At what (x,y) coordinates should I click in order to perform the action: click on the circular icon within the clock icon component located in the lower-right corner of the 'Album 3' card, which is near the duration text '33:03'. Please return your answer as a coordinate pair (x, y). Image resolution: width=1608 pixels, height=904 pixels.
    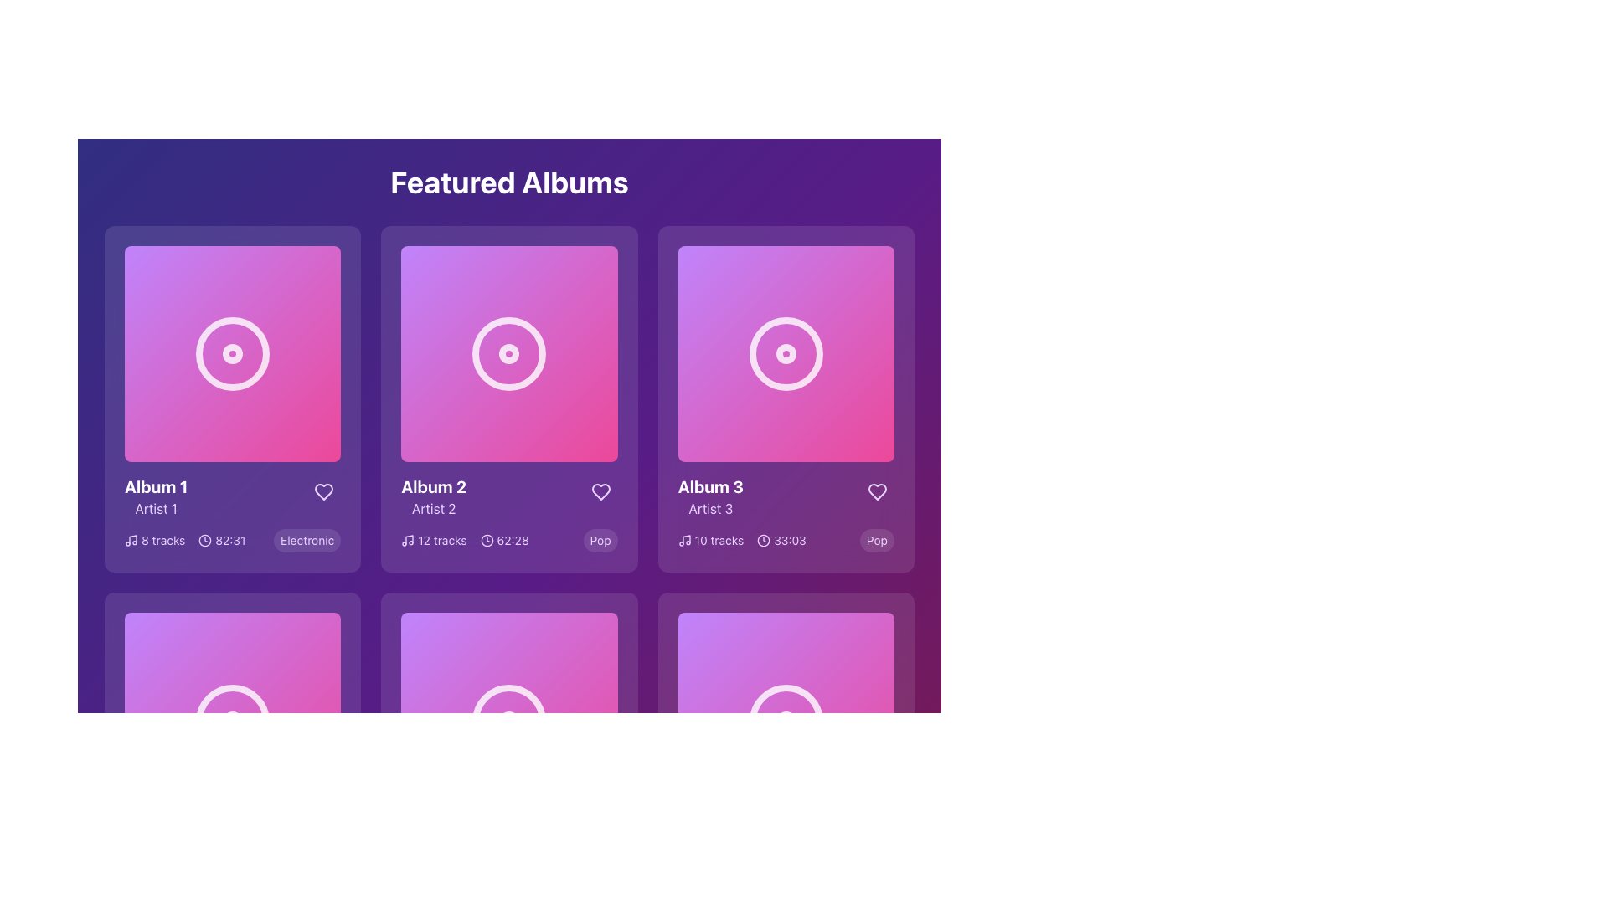
    Looking at the image, I should click on (763, 541).